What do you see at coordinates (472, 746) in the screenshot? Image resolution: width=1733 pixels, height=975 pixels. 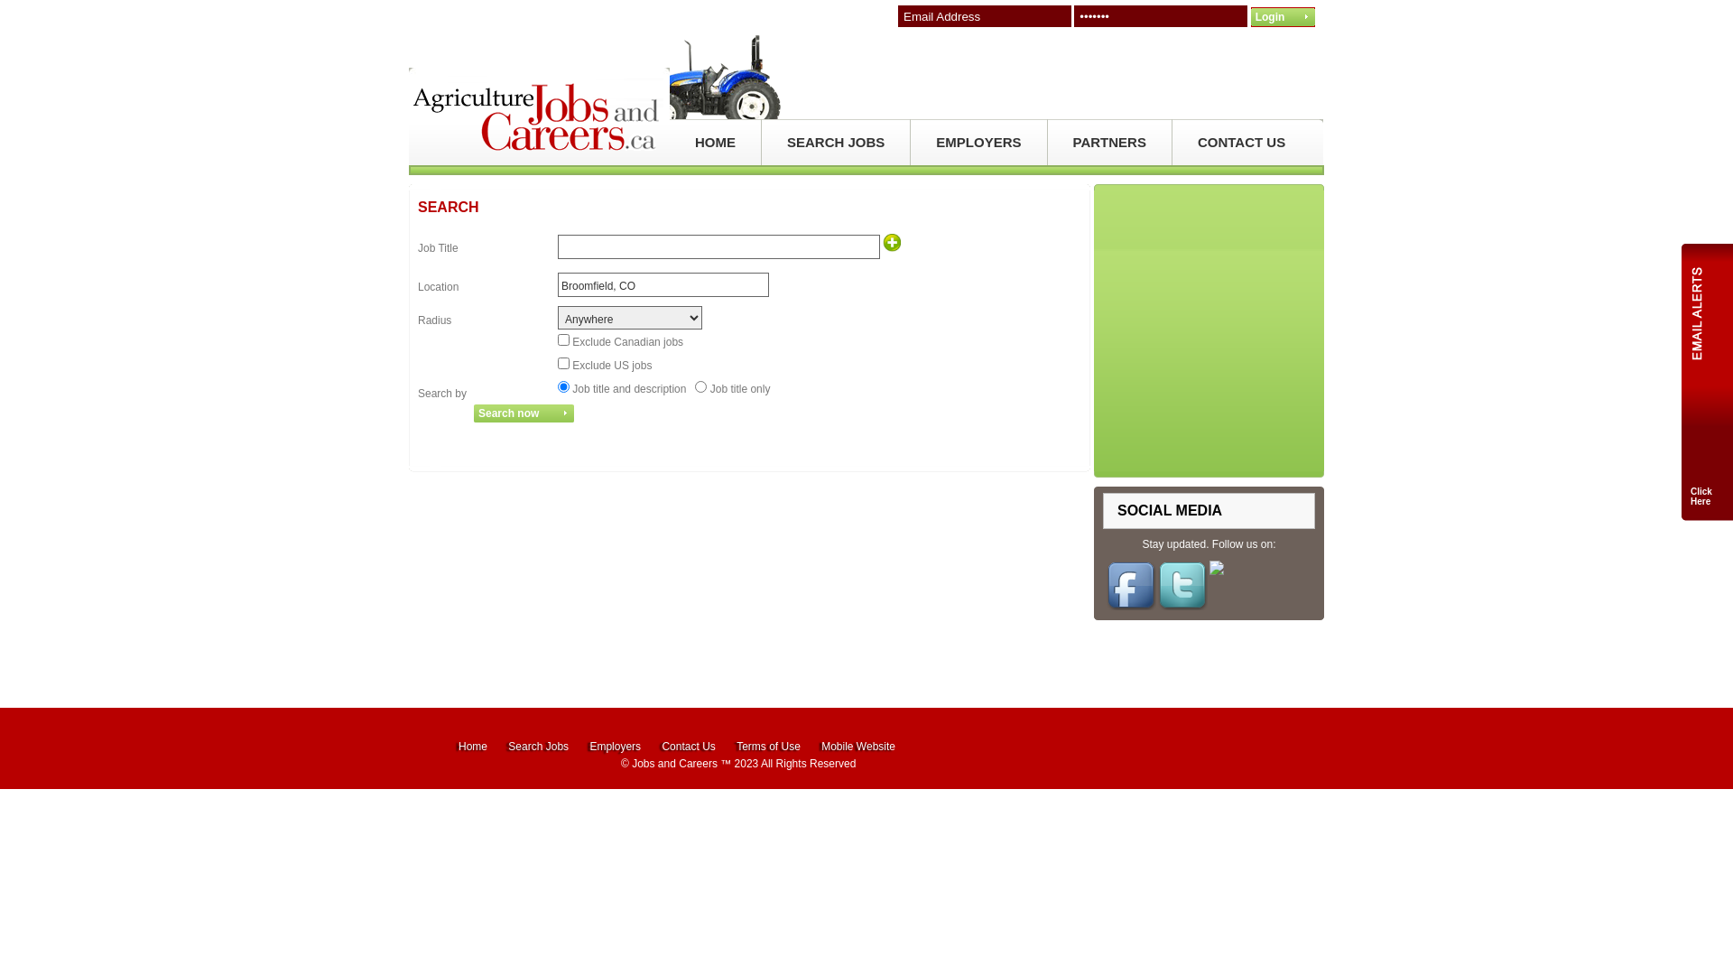 I see `'Home'` at bounding box center [472, 746].